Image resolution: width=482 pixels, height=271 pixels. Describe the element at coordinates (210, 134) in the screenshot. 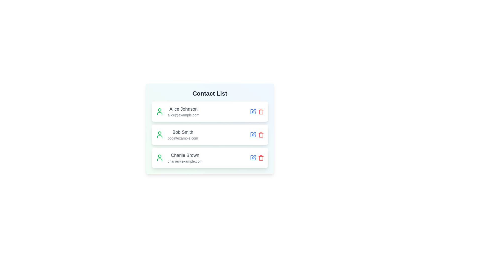

I see `the contact item corresponding to Bob Smith` at that location.